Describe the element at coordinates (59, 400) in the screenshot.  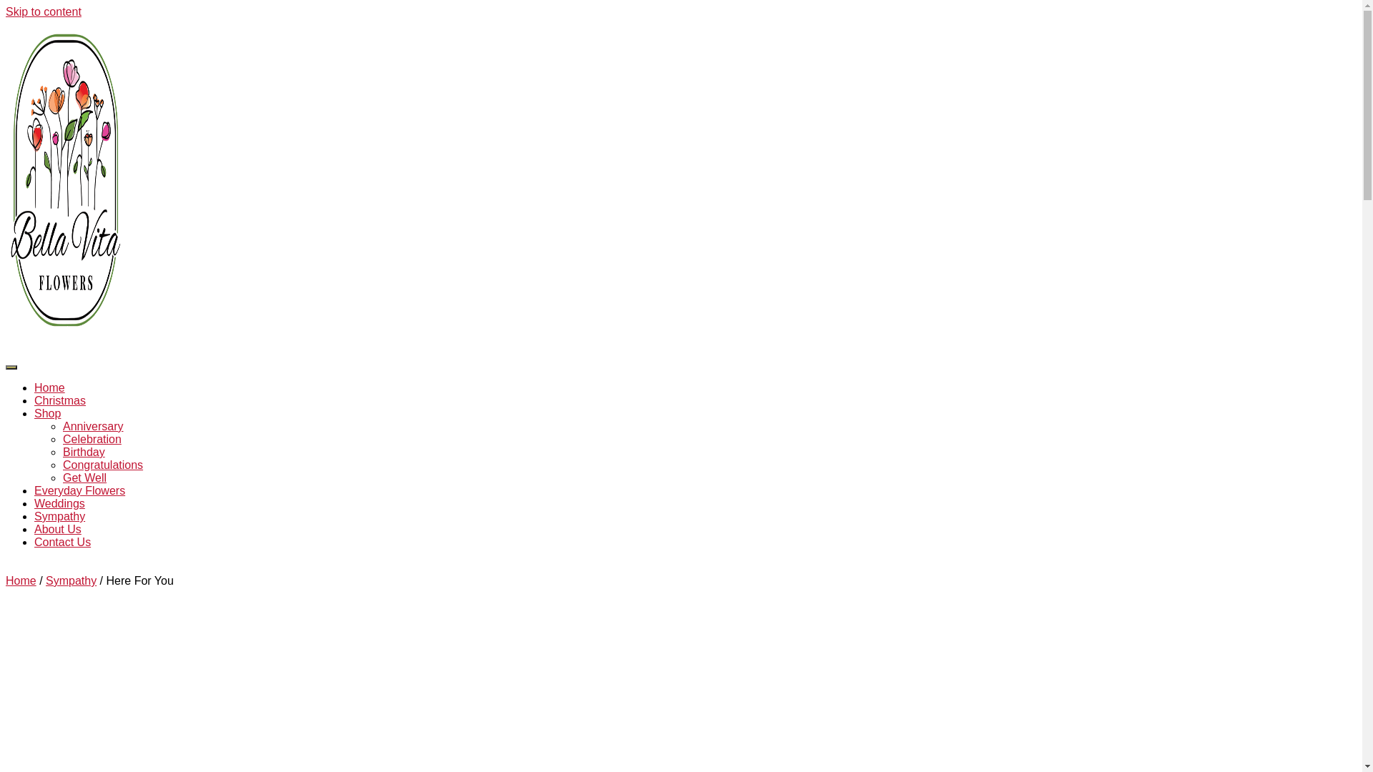
I see `'Christmas'` at that location.